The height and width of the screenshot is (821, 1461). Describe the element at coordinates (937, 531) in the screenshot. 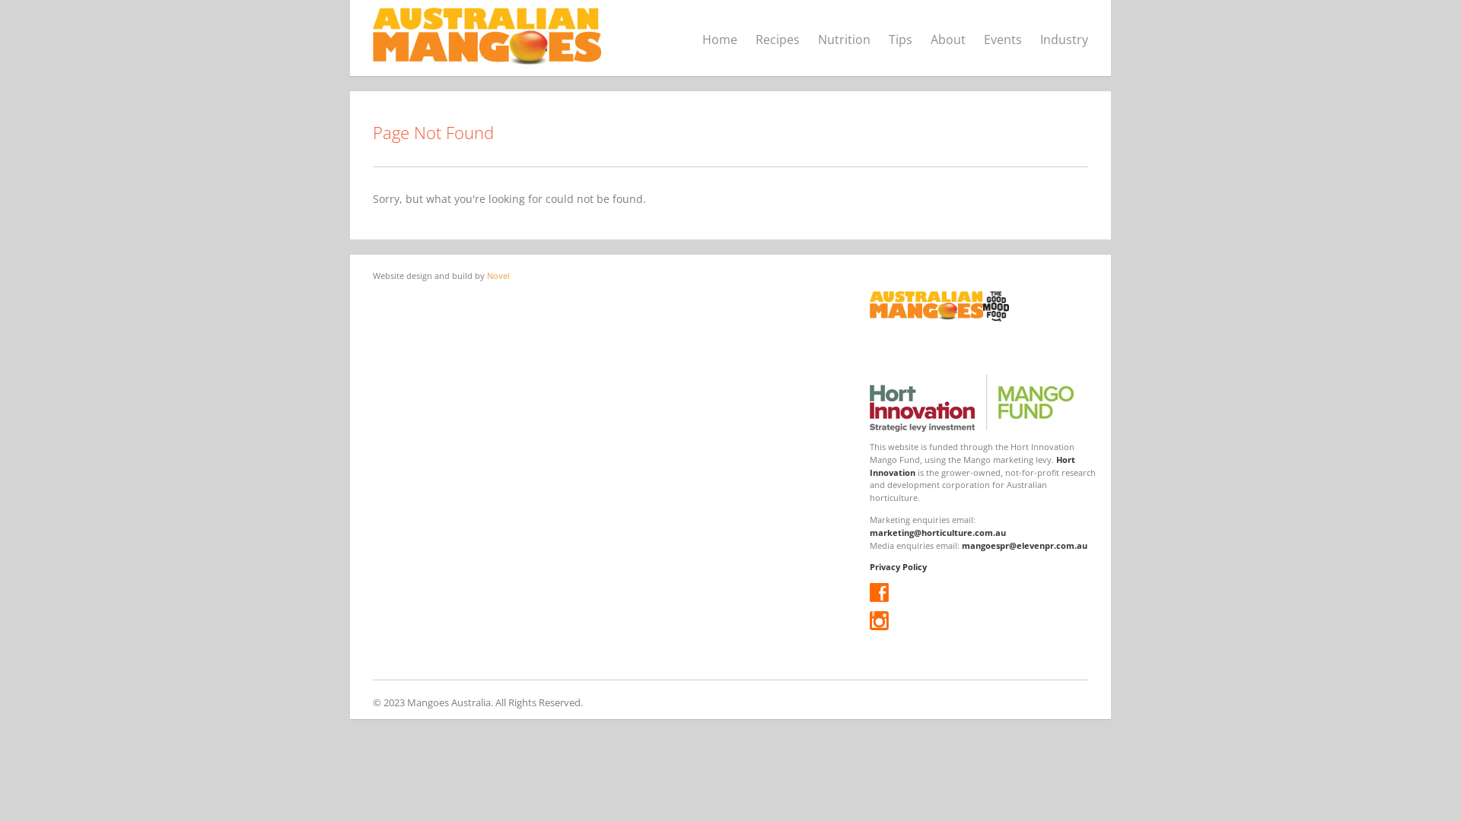

I see `'marketing@horticulture.com.au'` at that location.